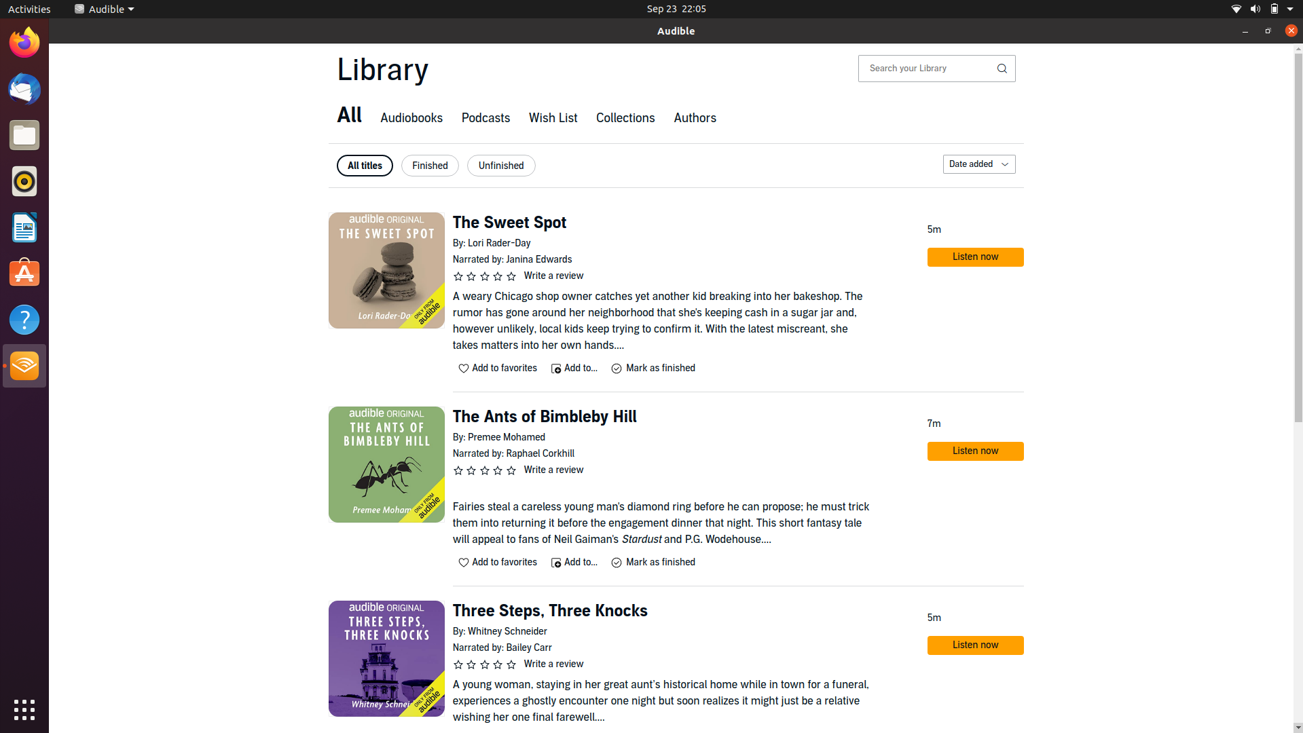 The height and width of the screenshot is (733, 1303). Describe the element at coordinates (978, 164) in the screenshot. I see `Rearrange the catalogue based on when they were added` at that location.